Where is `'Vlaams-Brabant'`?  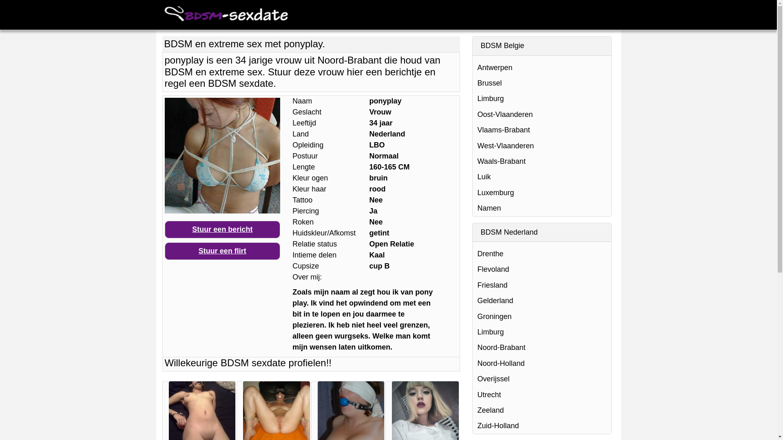
'Vlaams-Brabant' is located at coordinates (542, 130).